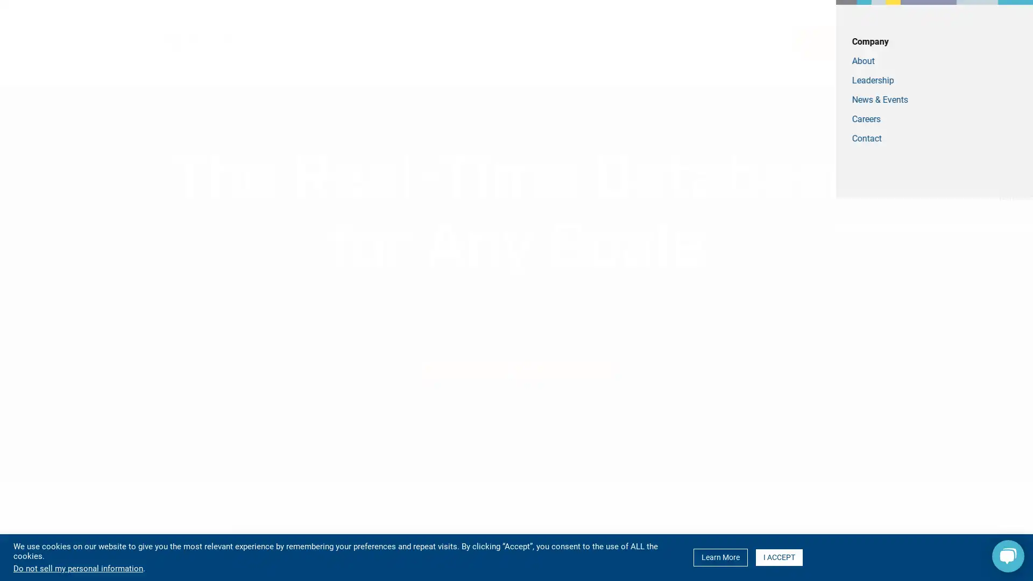 This screenshot has width=1033, height=581. What do you see at coordinates (779, 557) in the screenshot?
I see `I ACCEPT` at bounding box center [779, 557].